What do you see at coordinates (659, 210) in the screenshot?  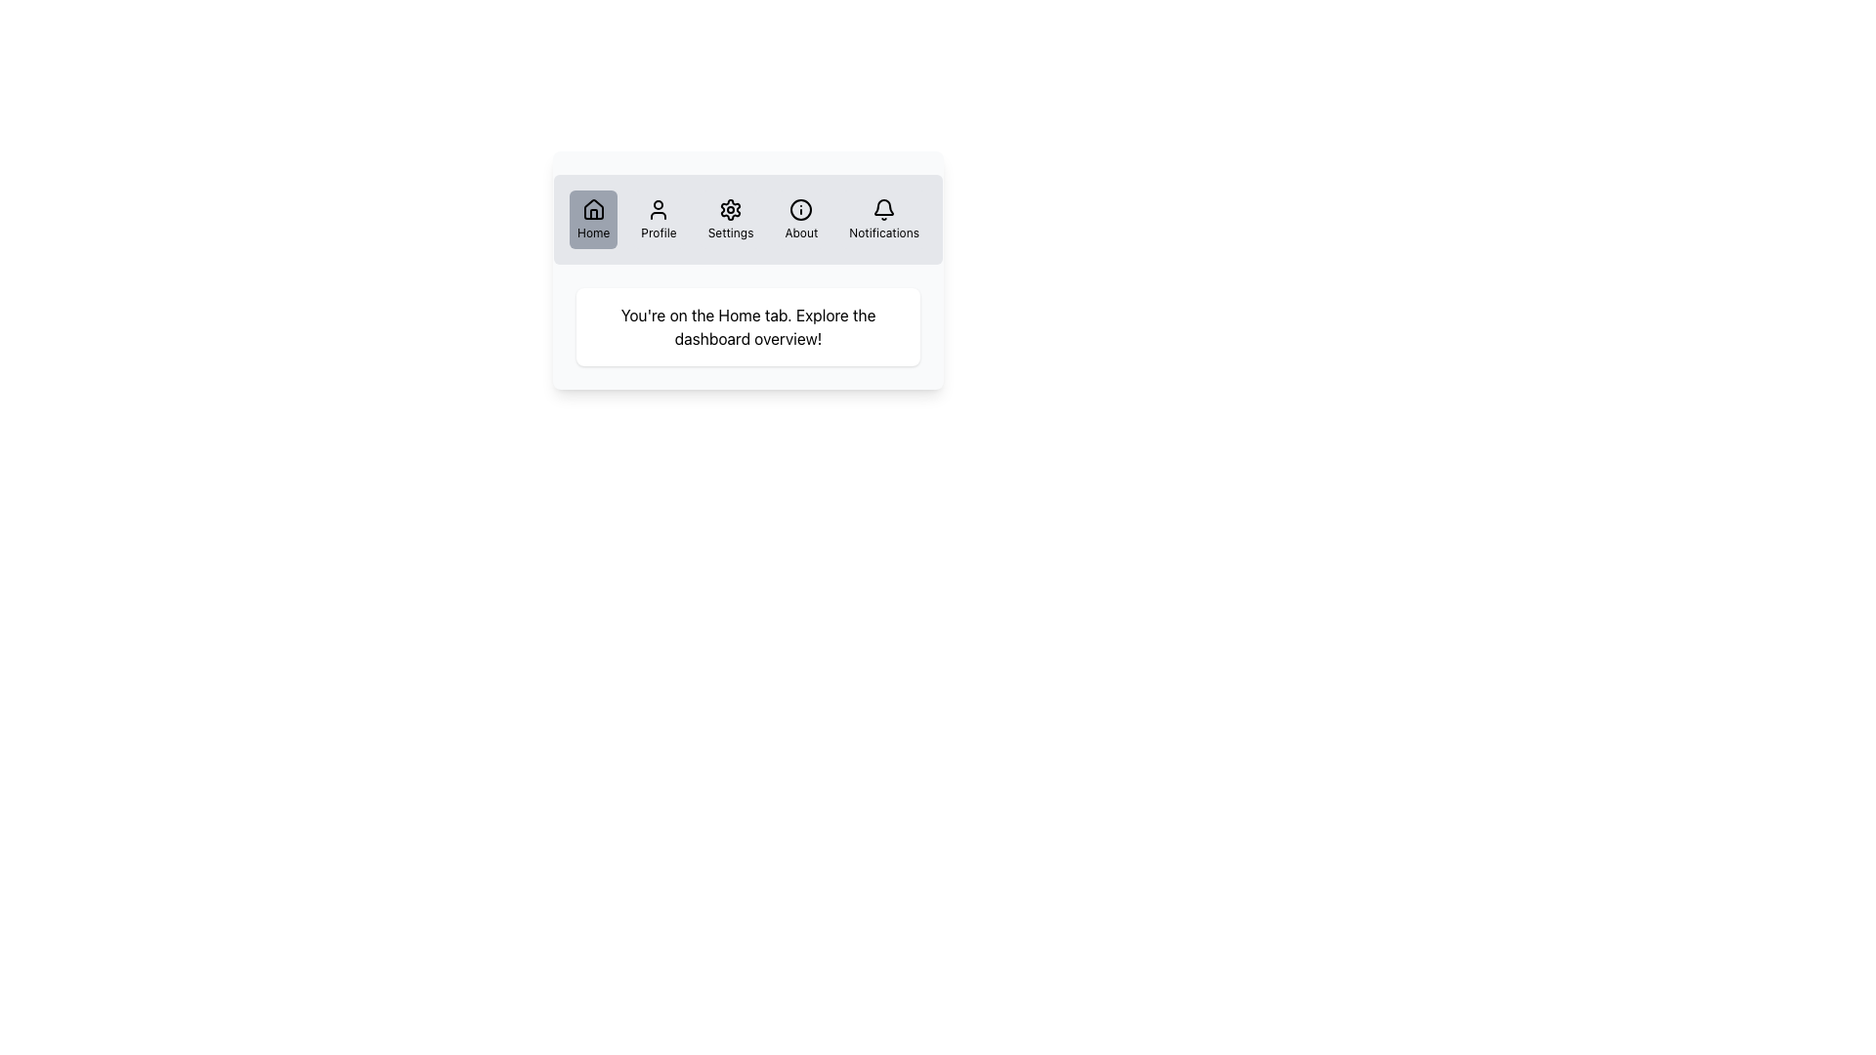 I see `the user profile icon located in the navigation bar` at bounding box center [659, 210].